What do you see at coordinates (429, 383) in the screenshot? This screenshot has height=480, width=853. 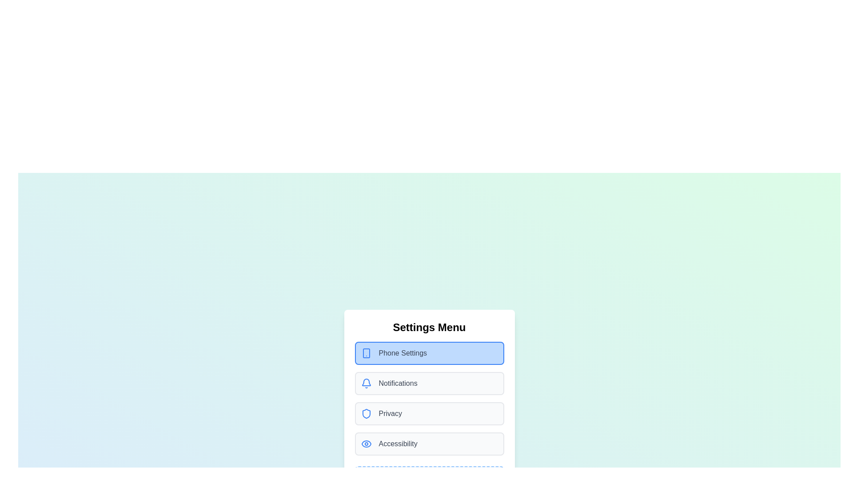 I see `the menu item corresponding to Notifications` at bounding box center [429, 383].